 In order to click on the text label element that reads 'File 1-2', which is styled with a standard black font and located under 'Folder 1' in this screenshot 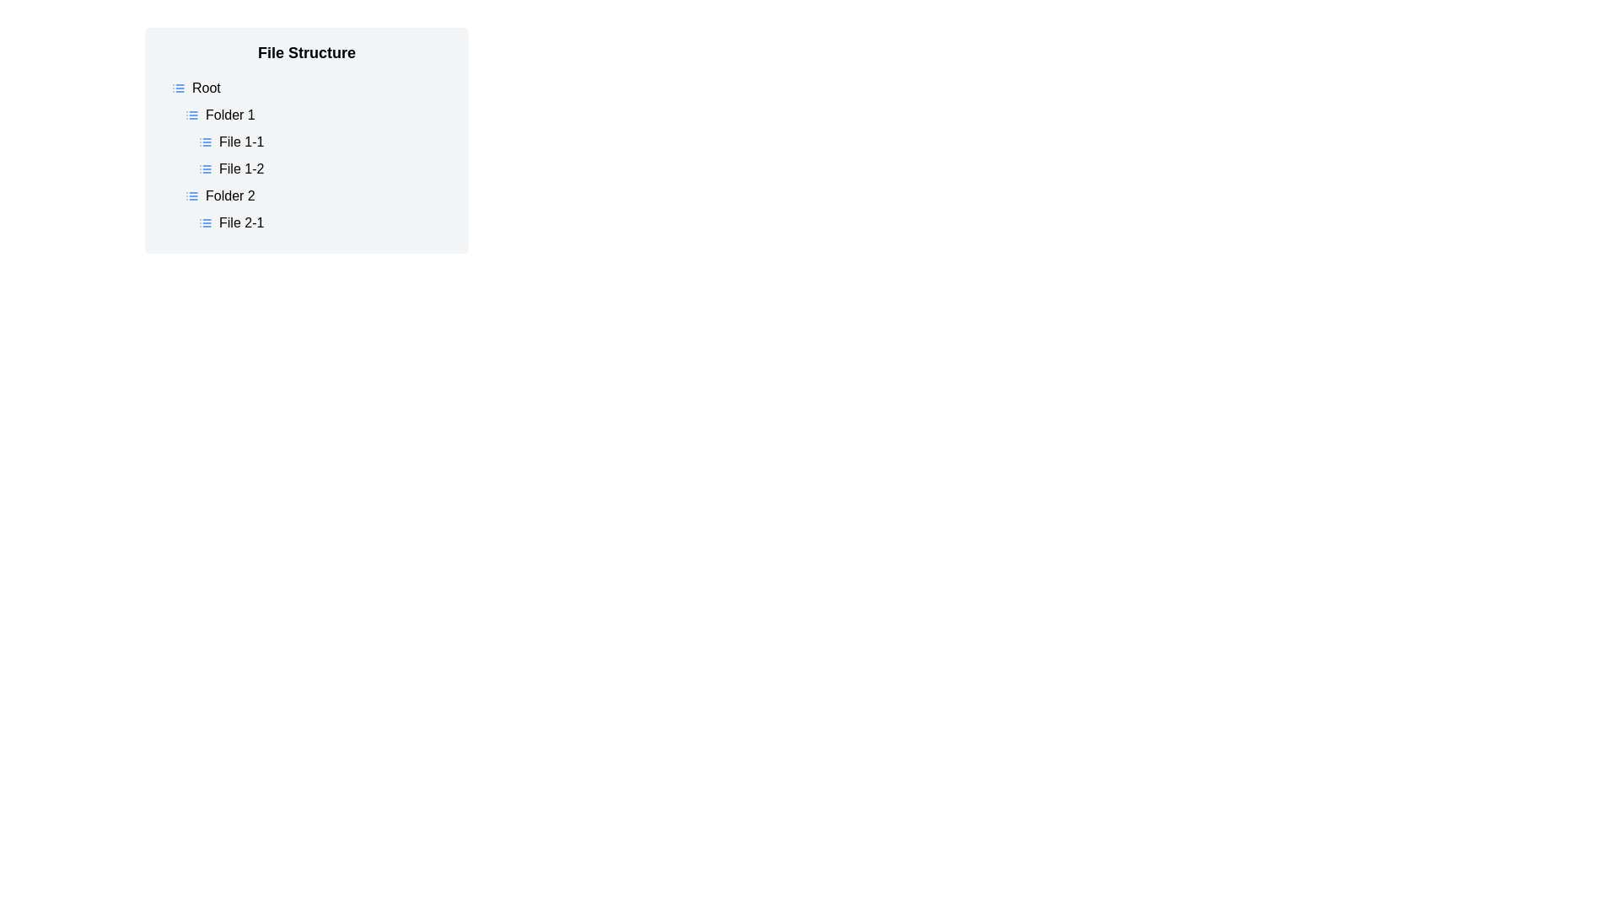, I will do `click(240, 169)`.